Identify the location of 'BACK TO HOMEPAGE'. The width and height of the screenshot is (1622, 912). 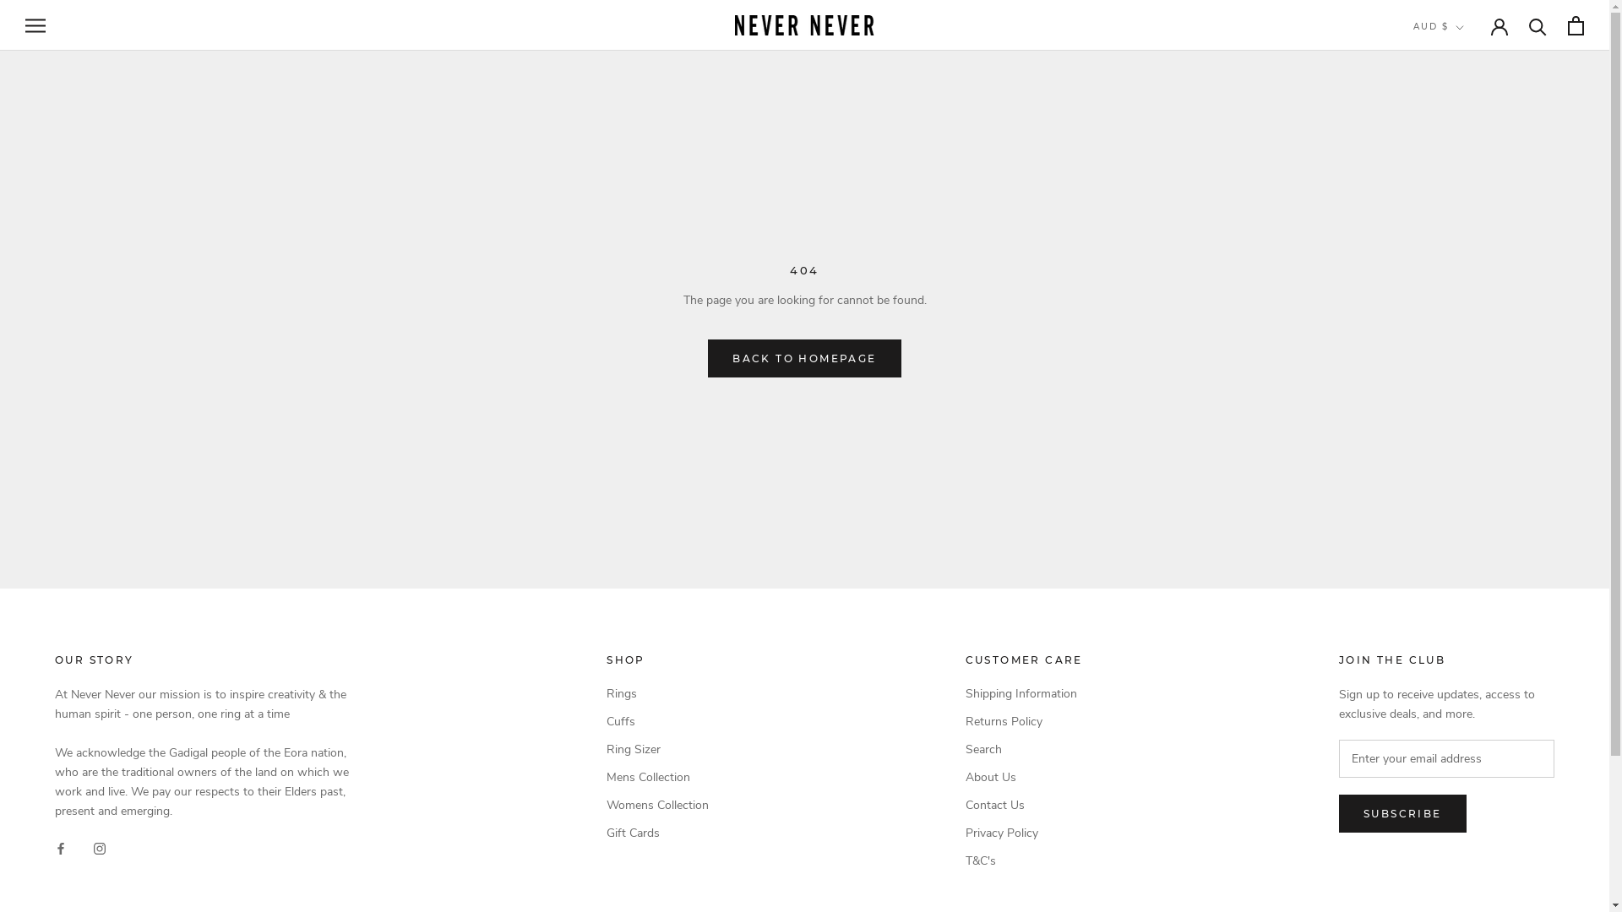
(803, 357).